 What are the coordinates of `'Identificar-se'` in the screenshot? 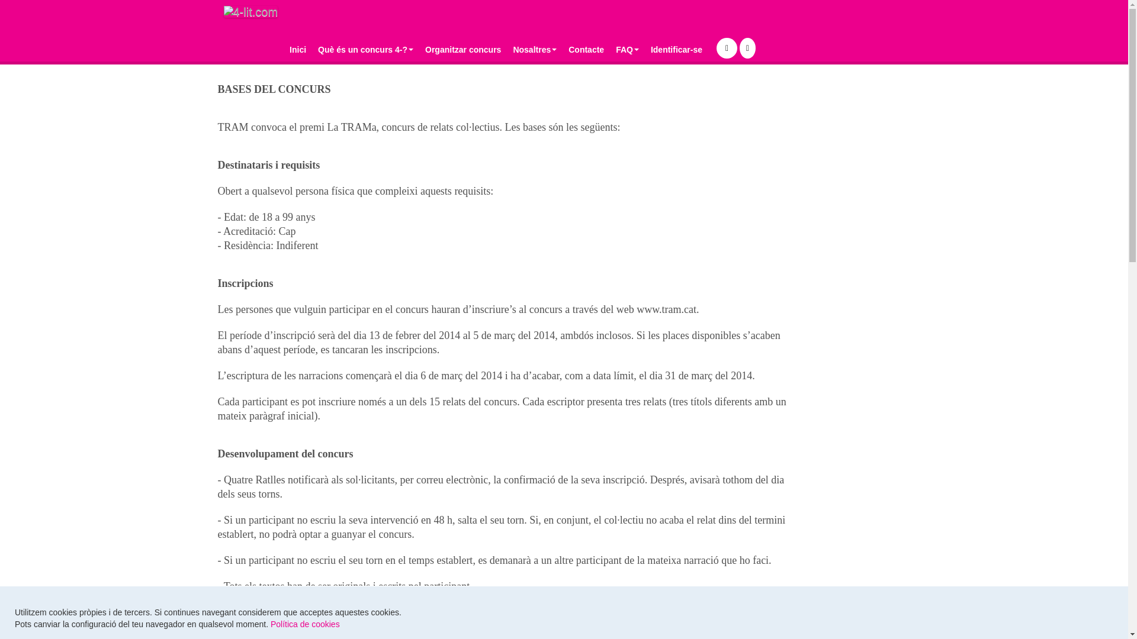 It's located at (676, 49).